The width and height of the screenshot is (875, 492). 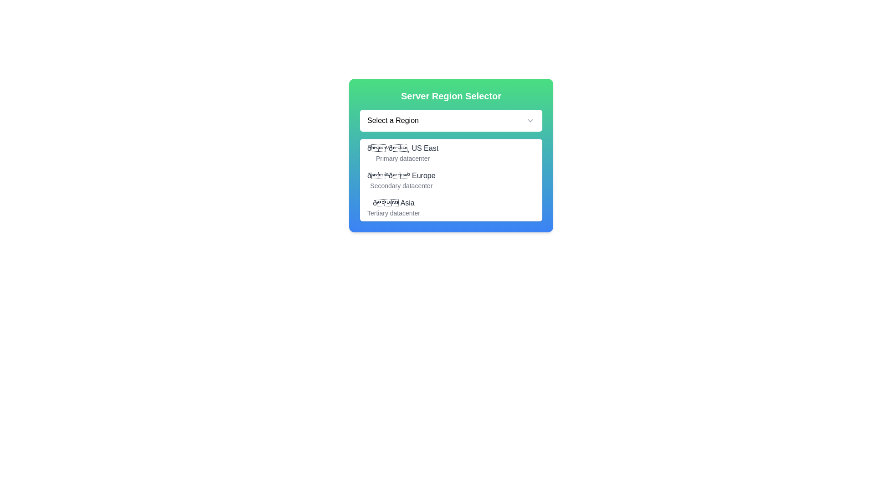 I want to click on the text label reading 'Primary datacenter', which is styled in gray and located beneath the '🇺🇸 US East' label in a dropdown menu, so click(x=402, y=158).